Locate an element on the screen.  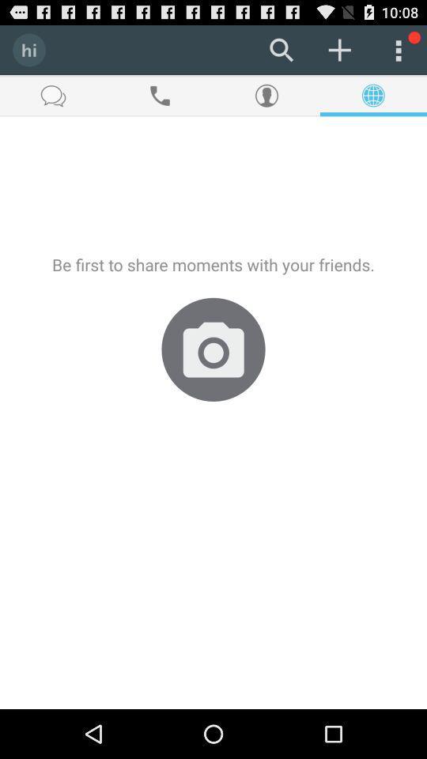
item below be first to is located at coordinates (213, 349).